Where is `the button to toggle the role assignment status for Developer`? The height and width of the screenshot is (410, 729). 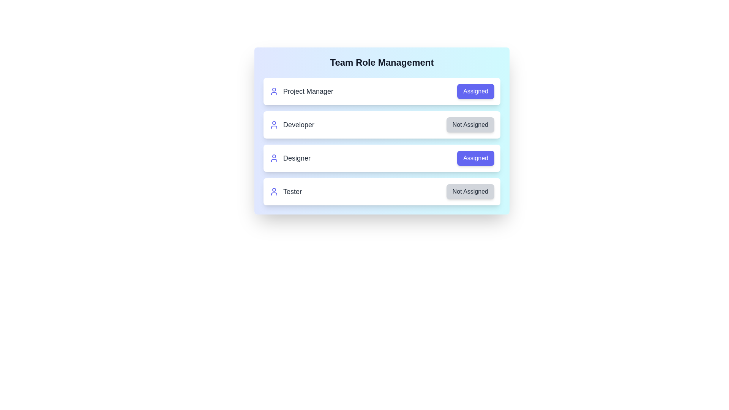 the button to toggle the role assignment status for Developer is located at coordinates (470, 124).